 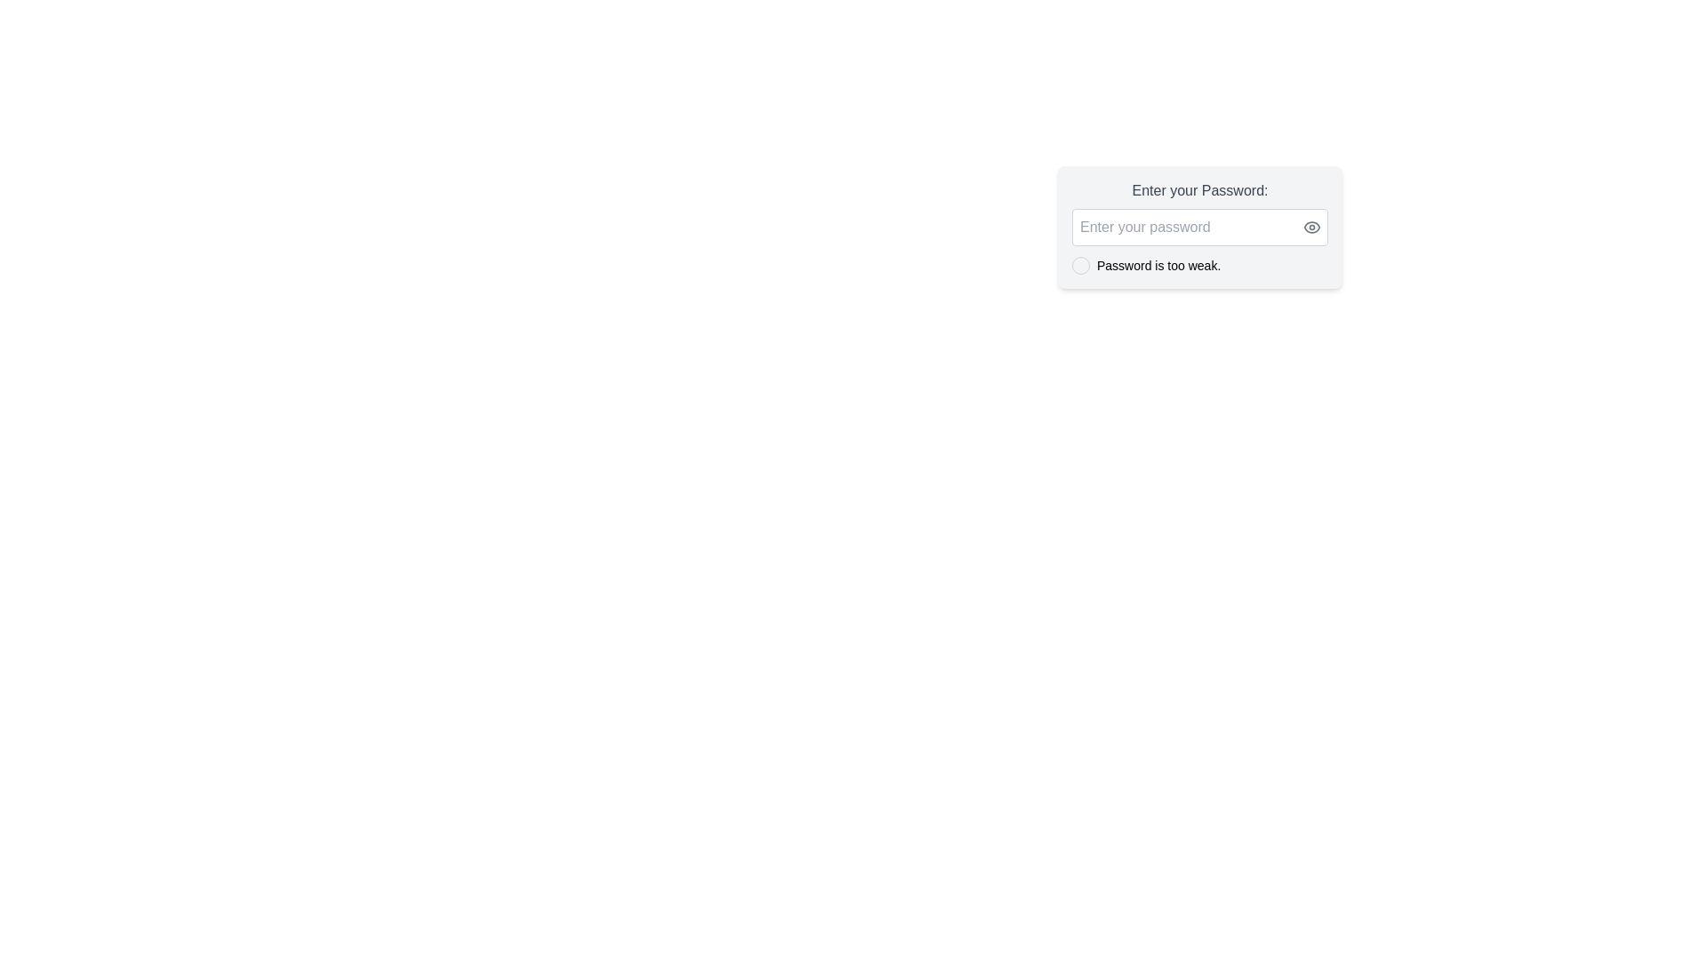 What do you see at coordinates (1199, 226) in the screenshot?
I see `the password strength indicator icon within the password input form` at bounding box center [1199, 226].